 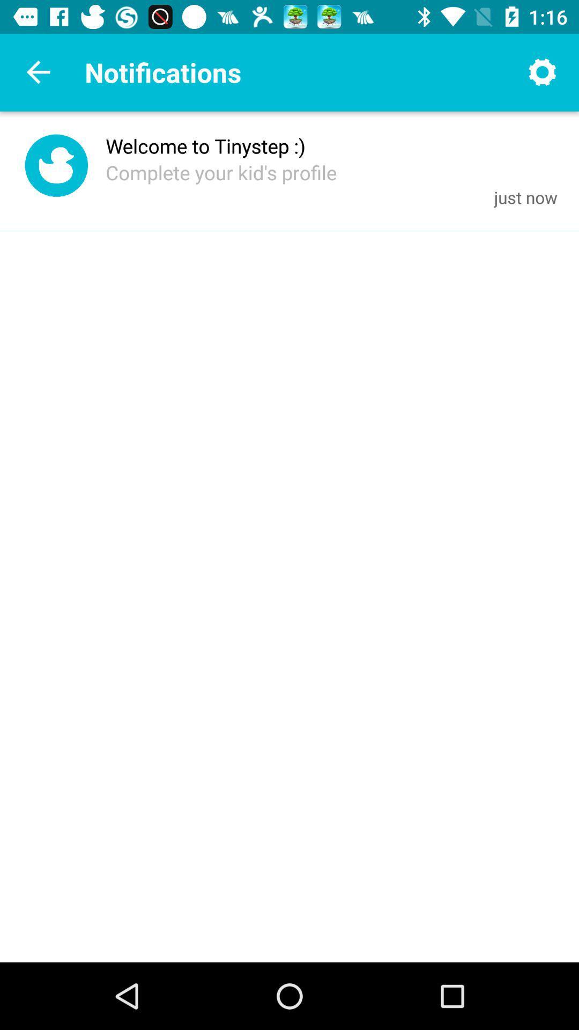 What do you see at coordinates (525, 197) in the screenshot?
I see `just now icon` at bounding box center [525, 197].